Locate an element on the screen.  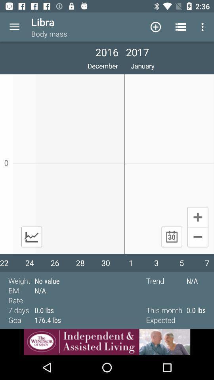
open advertisement is located at coordinates (107, 342).